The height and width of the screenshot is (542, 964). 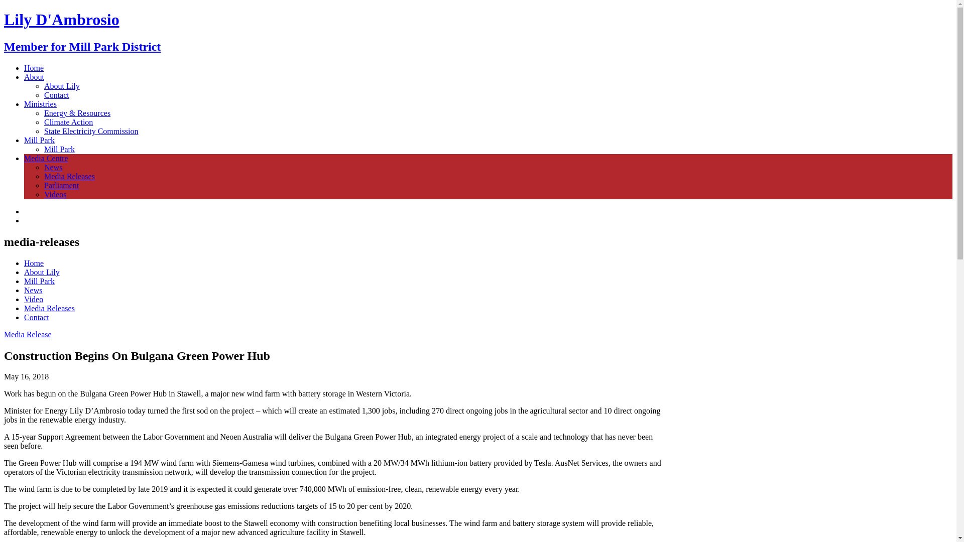 I want to click on 'Mill Park', so click(x=59, y=149).